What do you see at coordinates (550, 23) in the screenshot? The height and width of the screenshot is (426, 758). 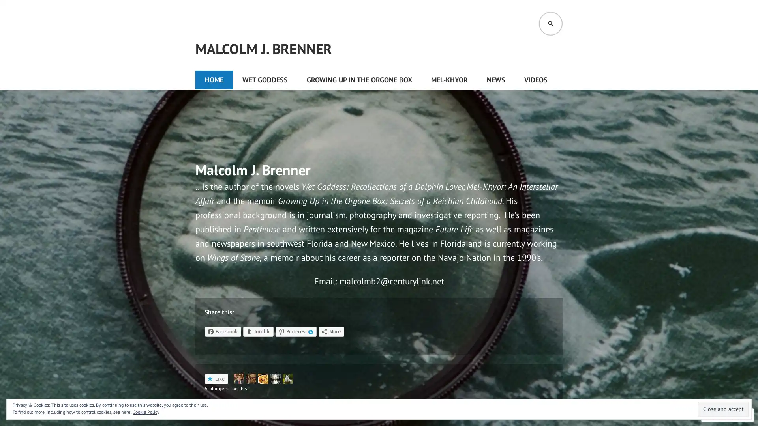 I see `SEARCH` at bounding box center [550, 23].